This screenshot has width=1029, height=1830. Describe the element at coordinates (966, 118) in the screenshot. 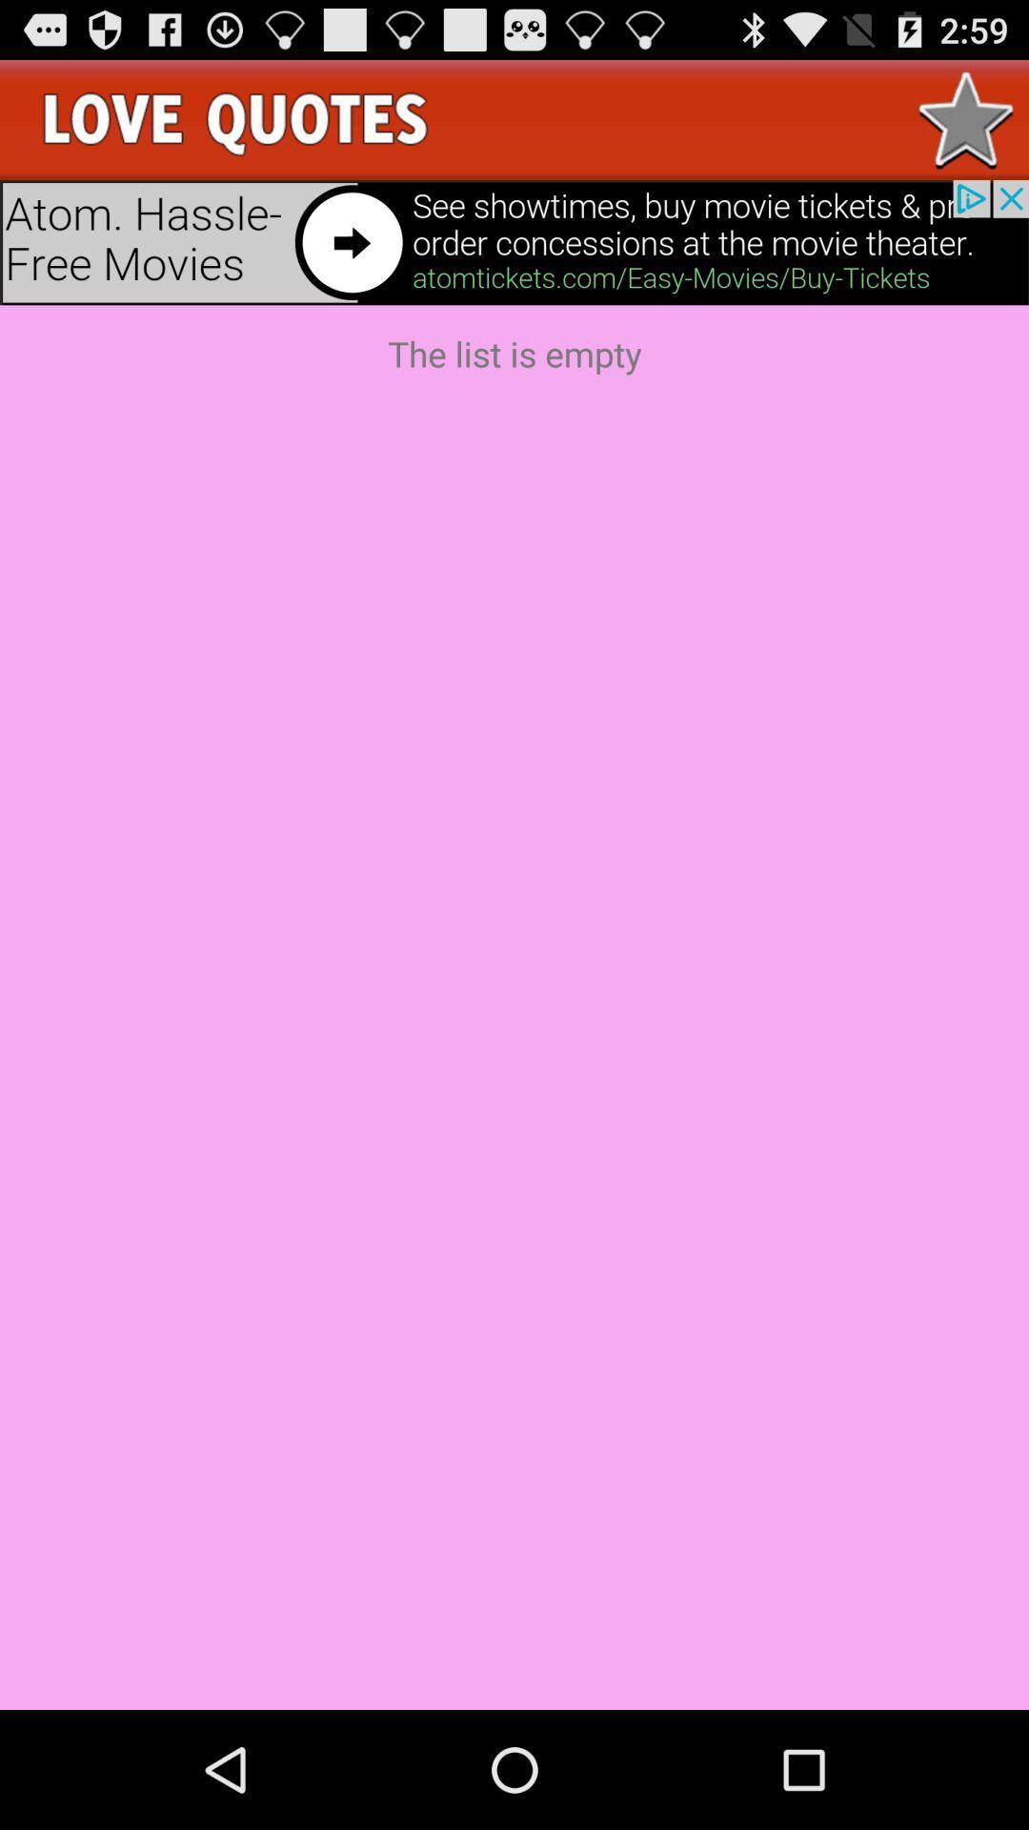

I see `to favorites` at that location.